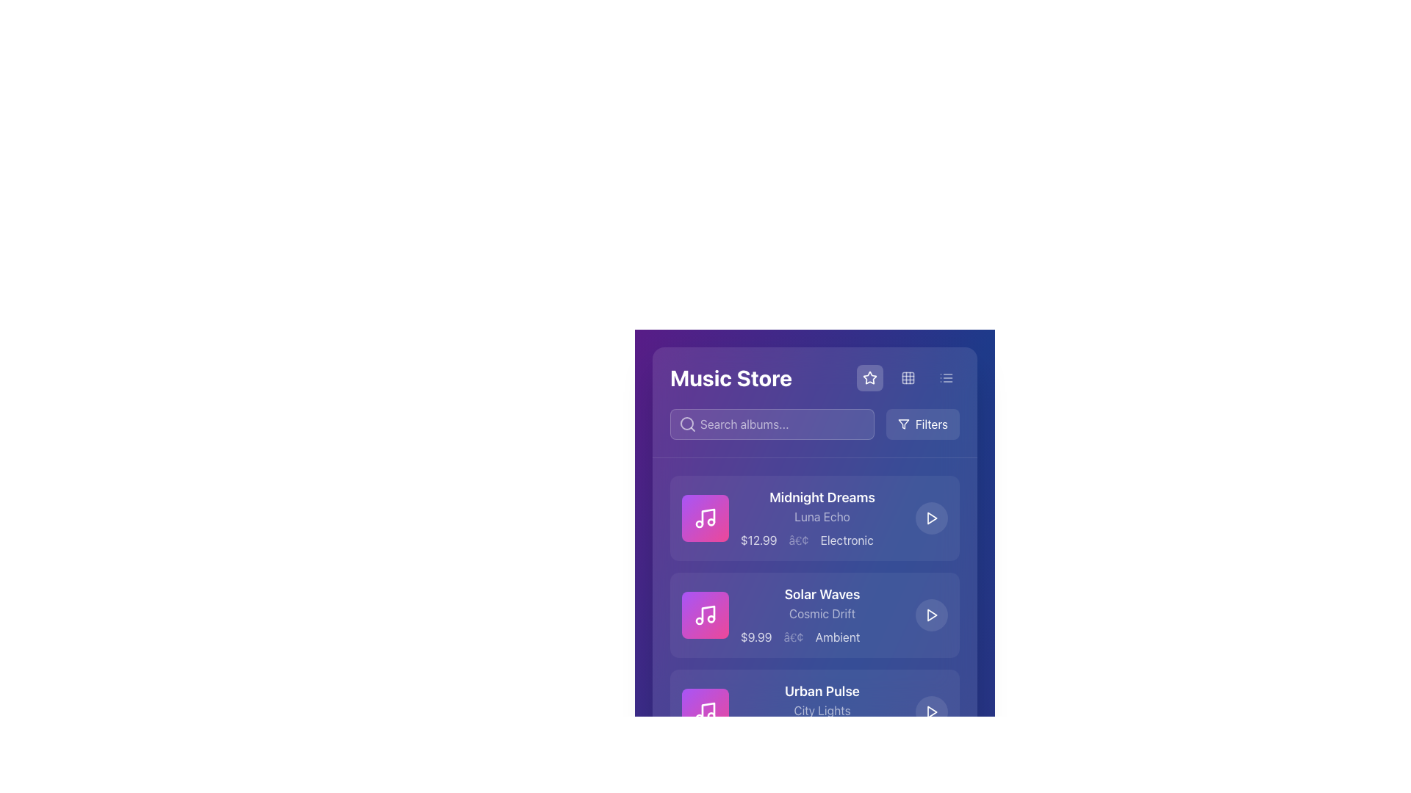 This screenshot has width=1411, height=793. What do you see at coordinates (687, 424) in the screenshot?
I see `the search icon located to the left of the search input field, which indicates the search functionality for entering queries` at bounding box center [687, 424].